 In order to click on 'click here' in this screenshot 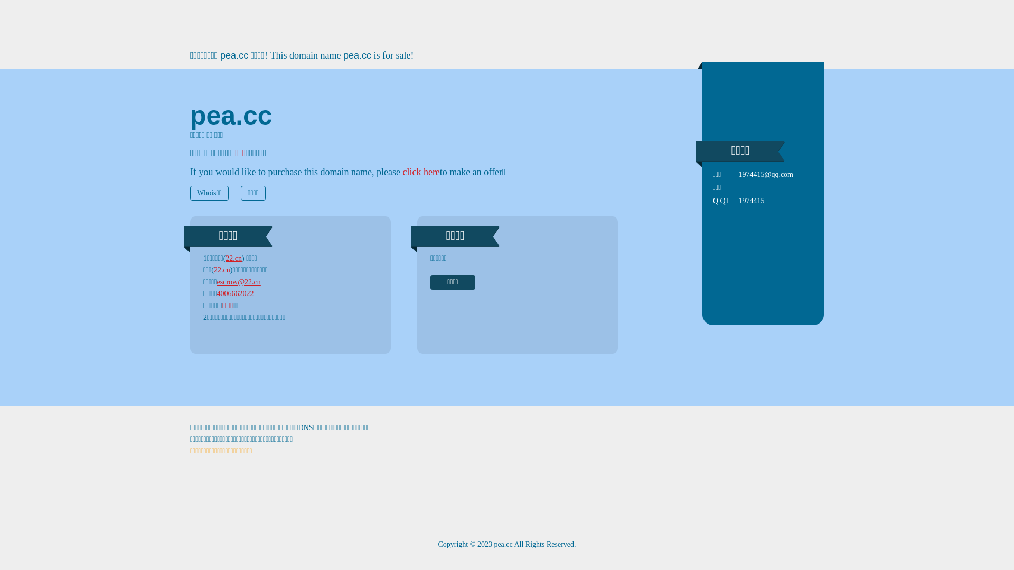, I will do `click(420, 172)`.